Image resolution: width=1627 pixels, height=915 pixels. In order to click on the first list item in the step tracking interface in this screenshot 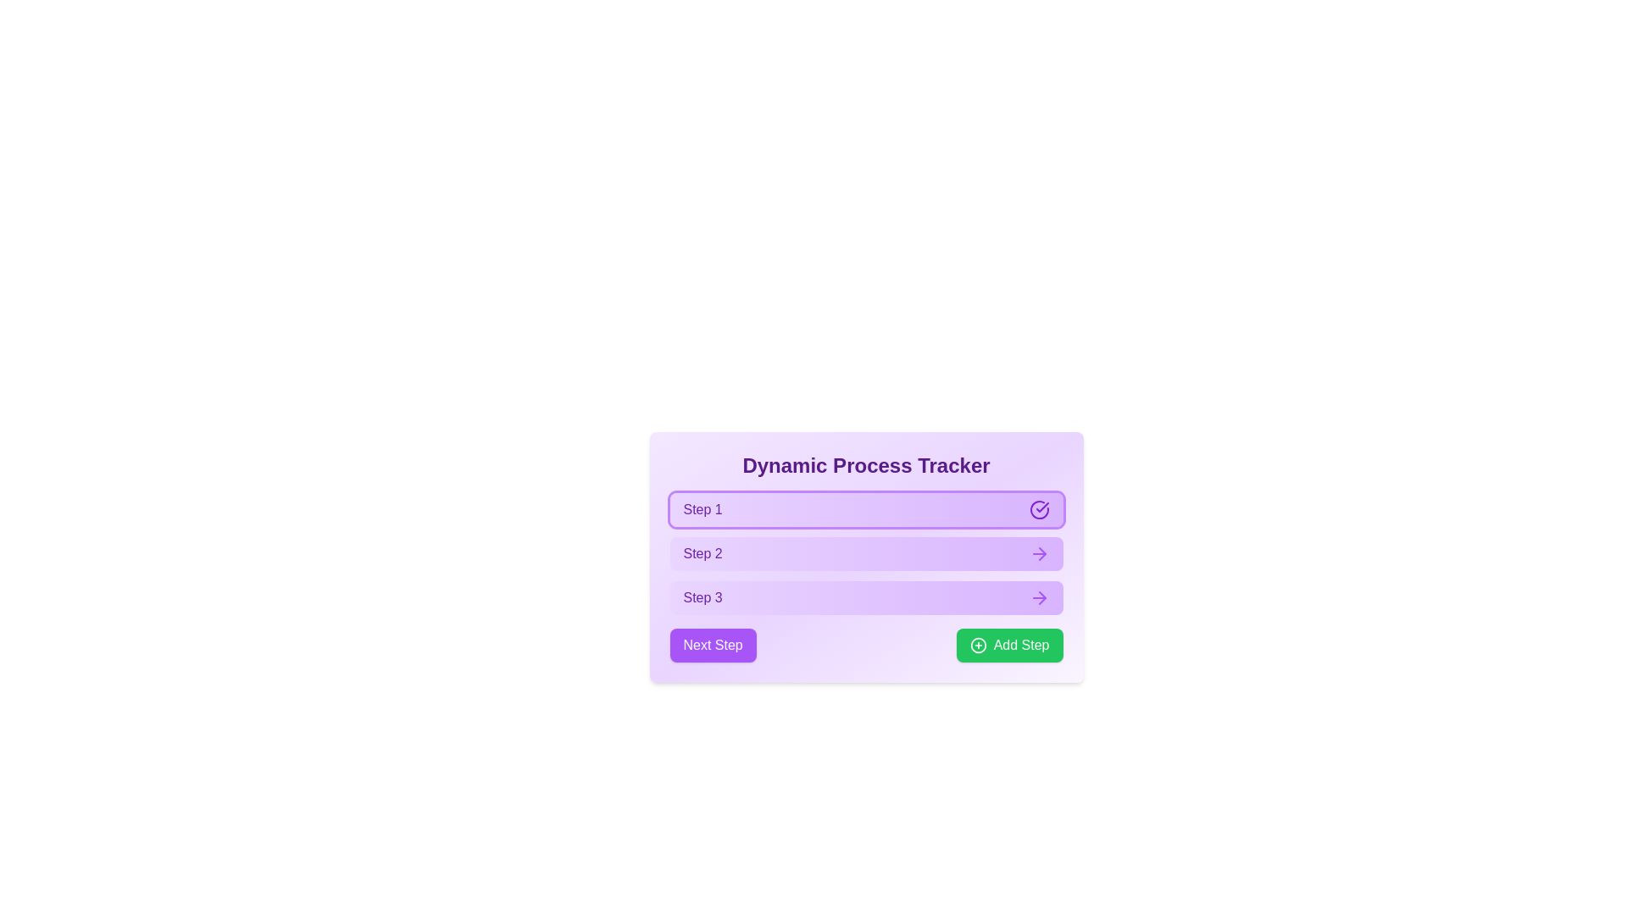, I will do `click(866, 508)`.